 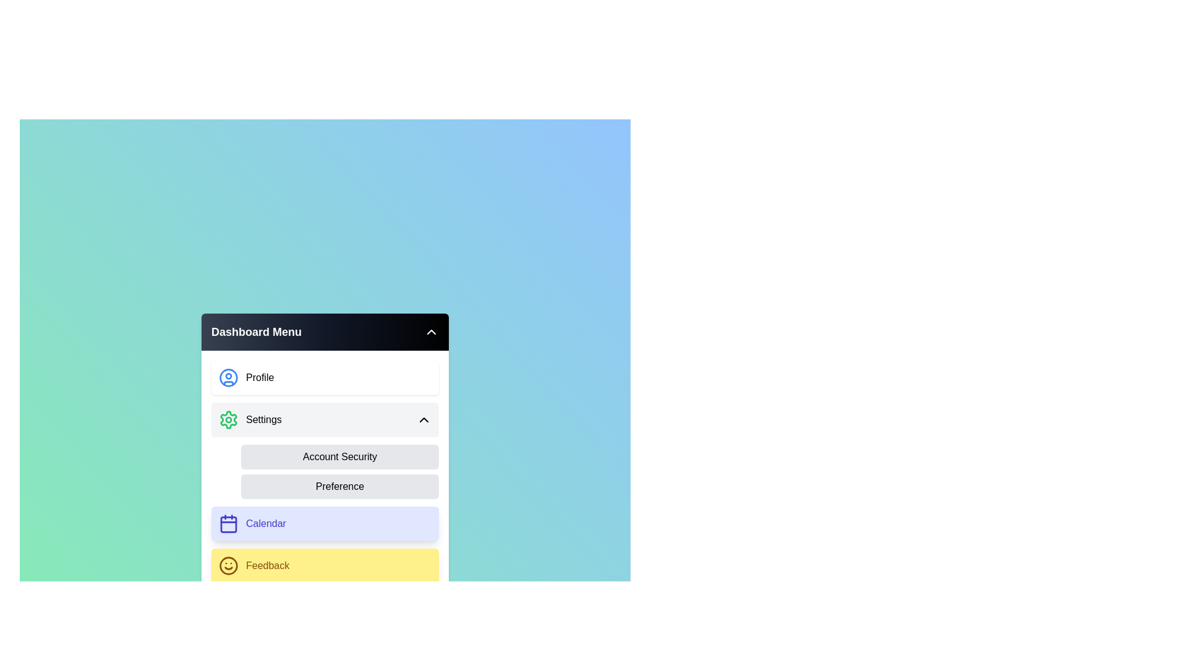 What do you see at coordinates (263, 419) in the screenshot?
I see `the text label reading 'Settings'` at bounding box center [263, 419].